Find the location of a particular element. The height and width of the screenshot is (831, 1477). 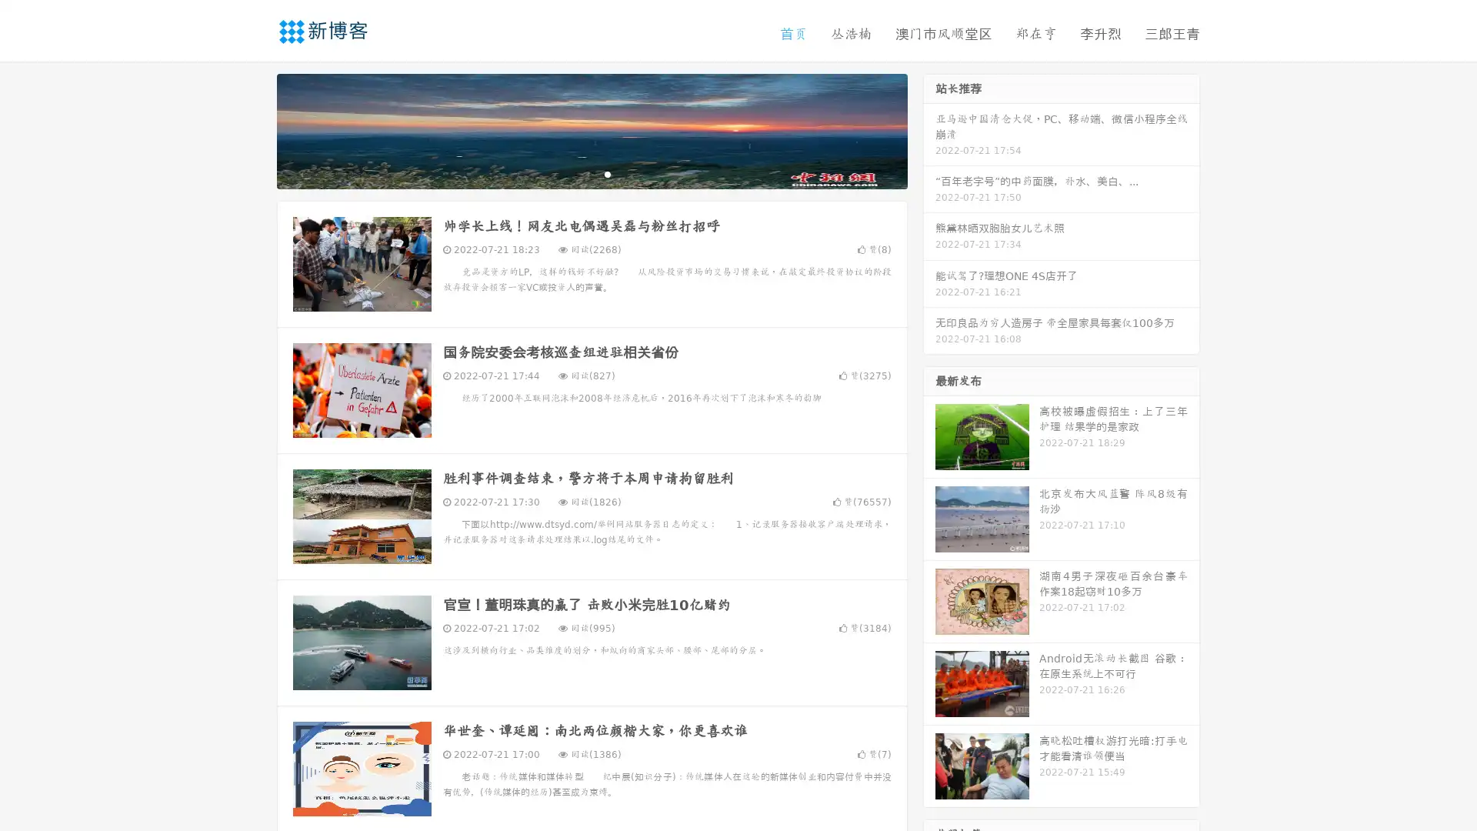

Go to slide 1 is located at coordinates (575, 173).